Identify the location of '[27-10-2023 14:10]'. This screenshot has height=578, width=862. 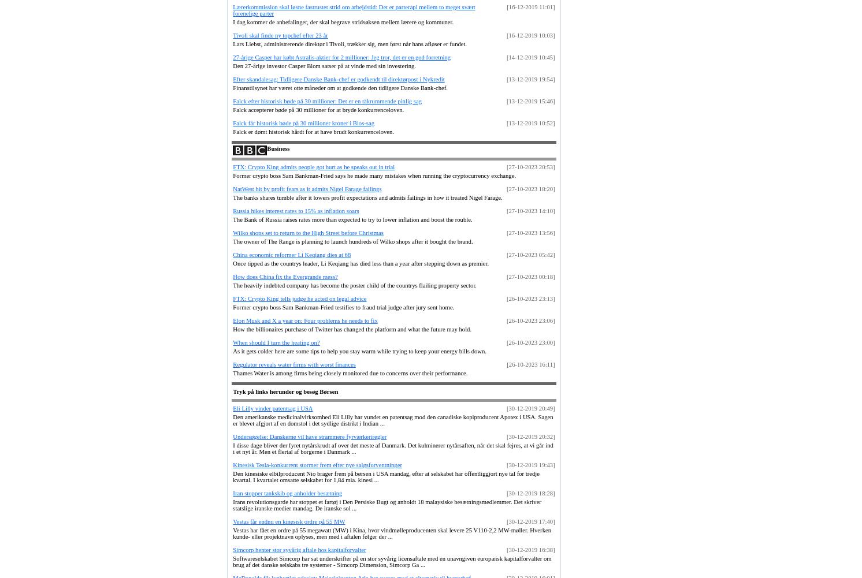
(506, 210).